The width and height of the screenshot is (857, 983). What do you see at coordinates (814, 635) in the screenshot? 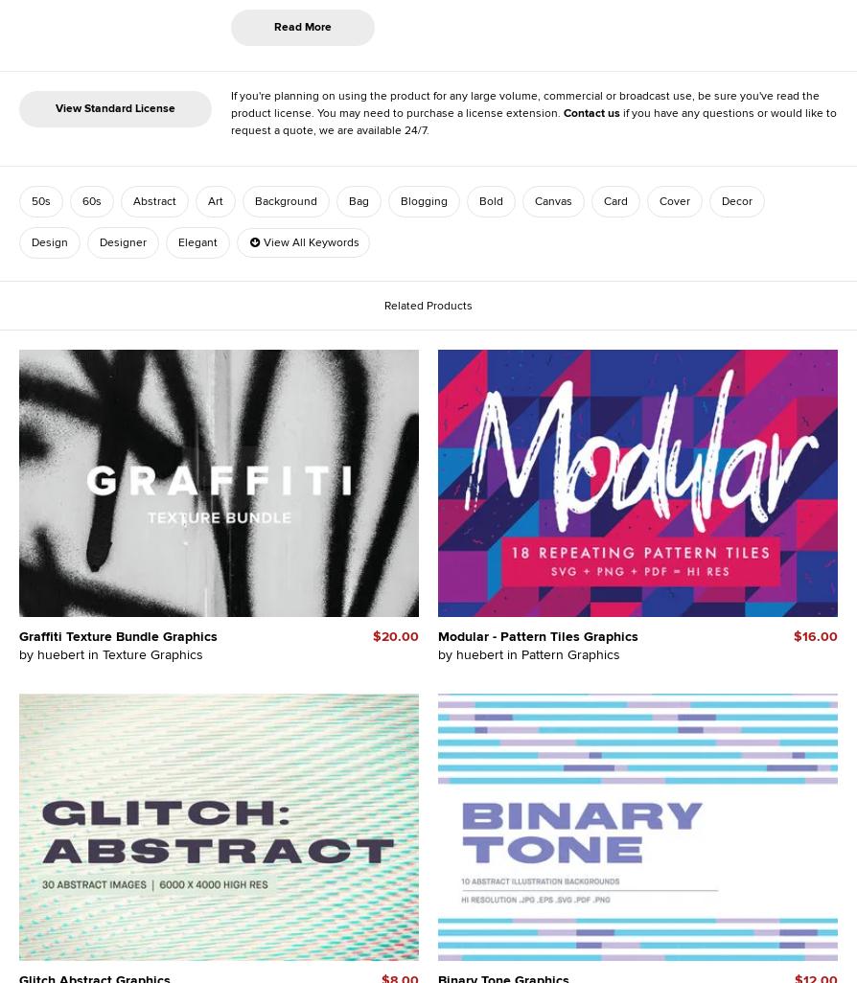
I see `'$16.00'` at bounding box center [814, 635].